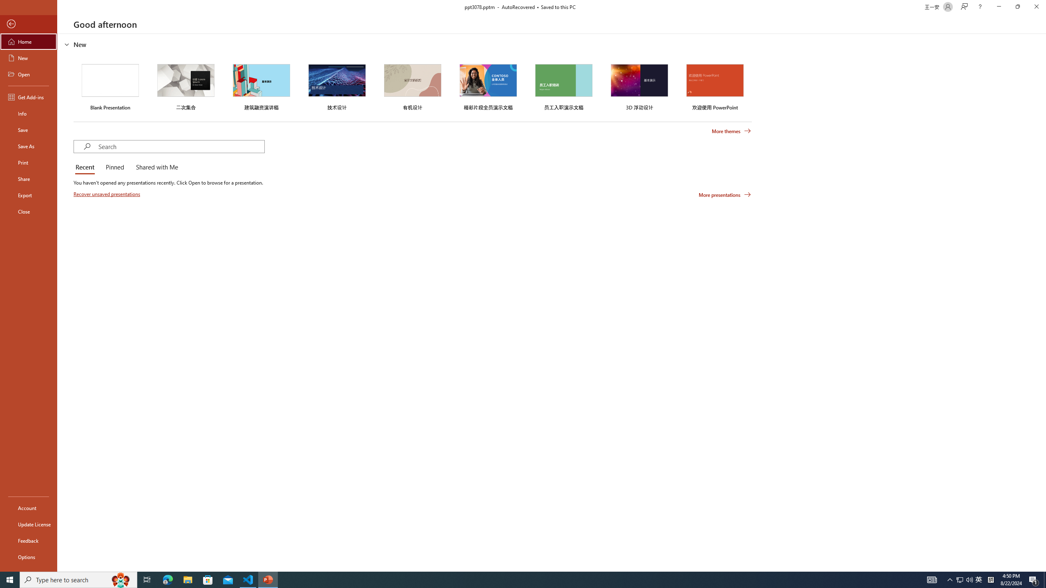 This screenshot has height=588, width=1046. I want to click on 'Export', so click(28, 195).